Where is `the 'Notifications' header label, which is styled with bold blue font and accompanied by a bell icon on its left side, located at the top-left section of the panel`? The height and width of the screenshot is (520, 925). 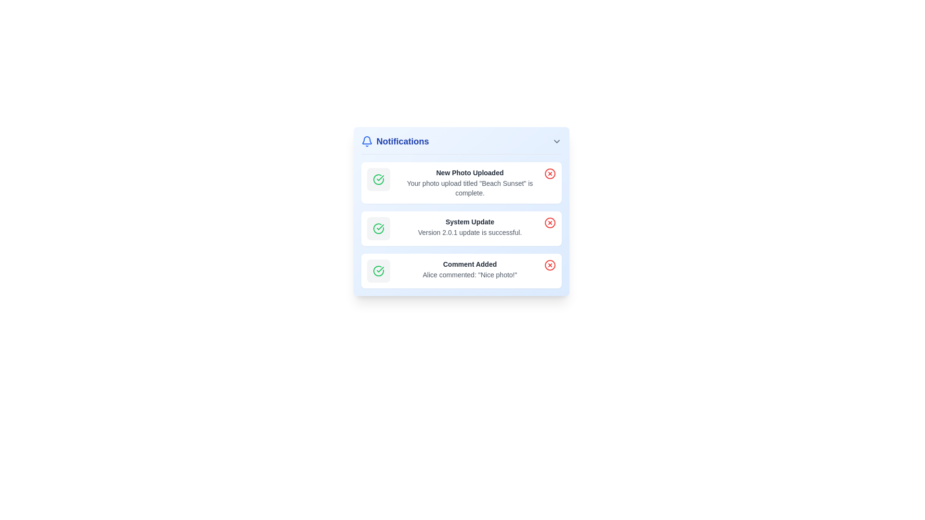
the 'Notifications' header label, which is styled with bold blue font and accompanied by a bell icon on its left side, located at the top-left section of the panel is located at coordinates (395, 141).